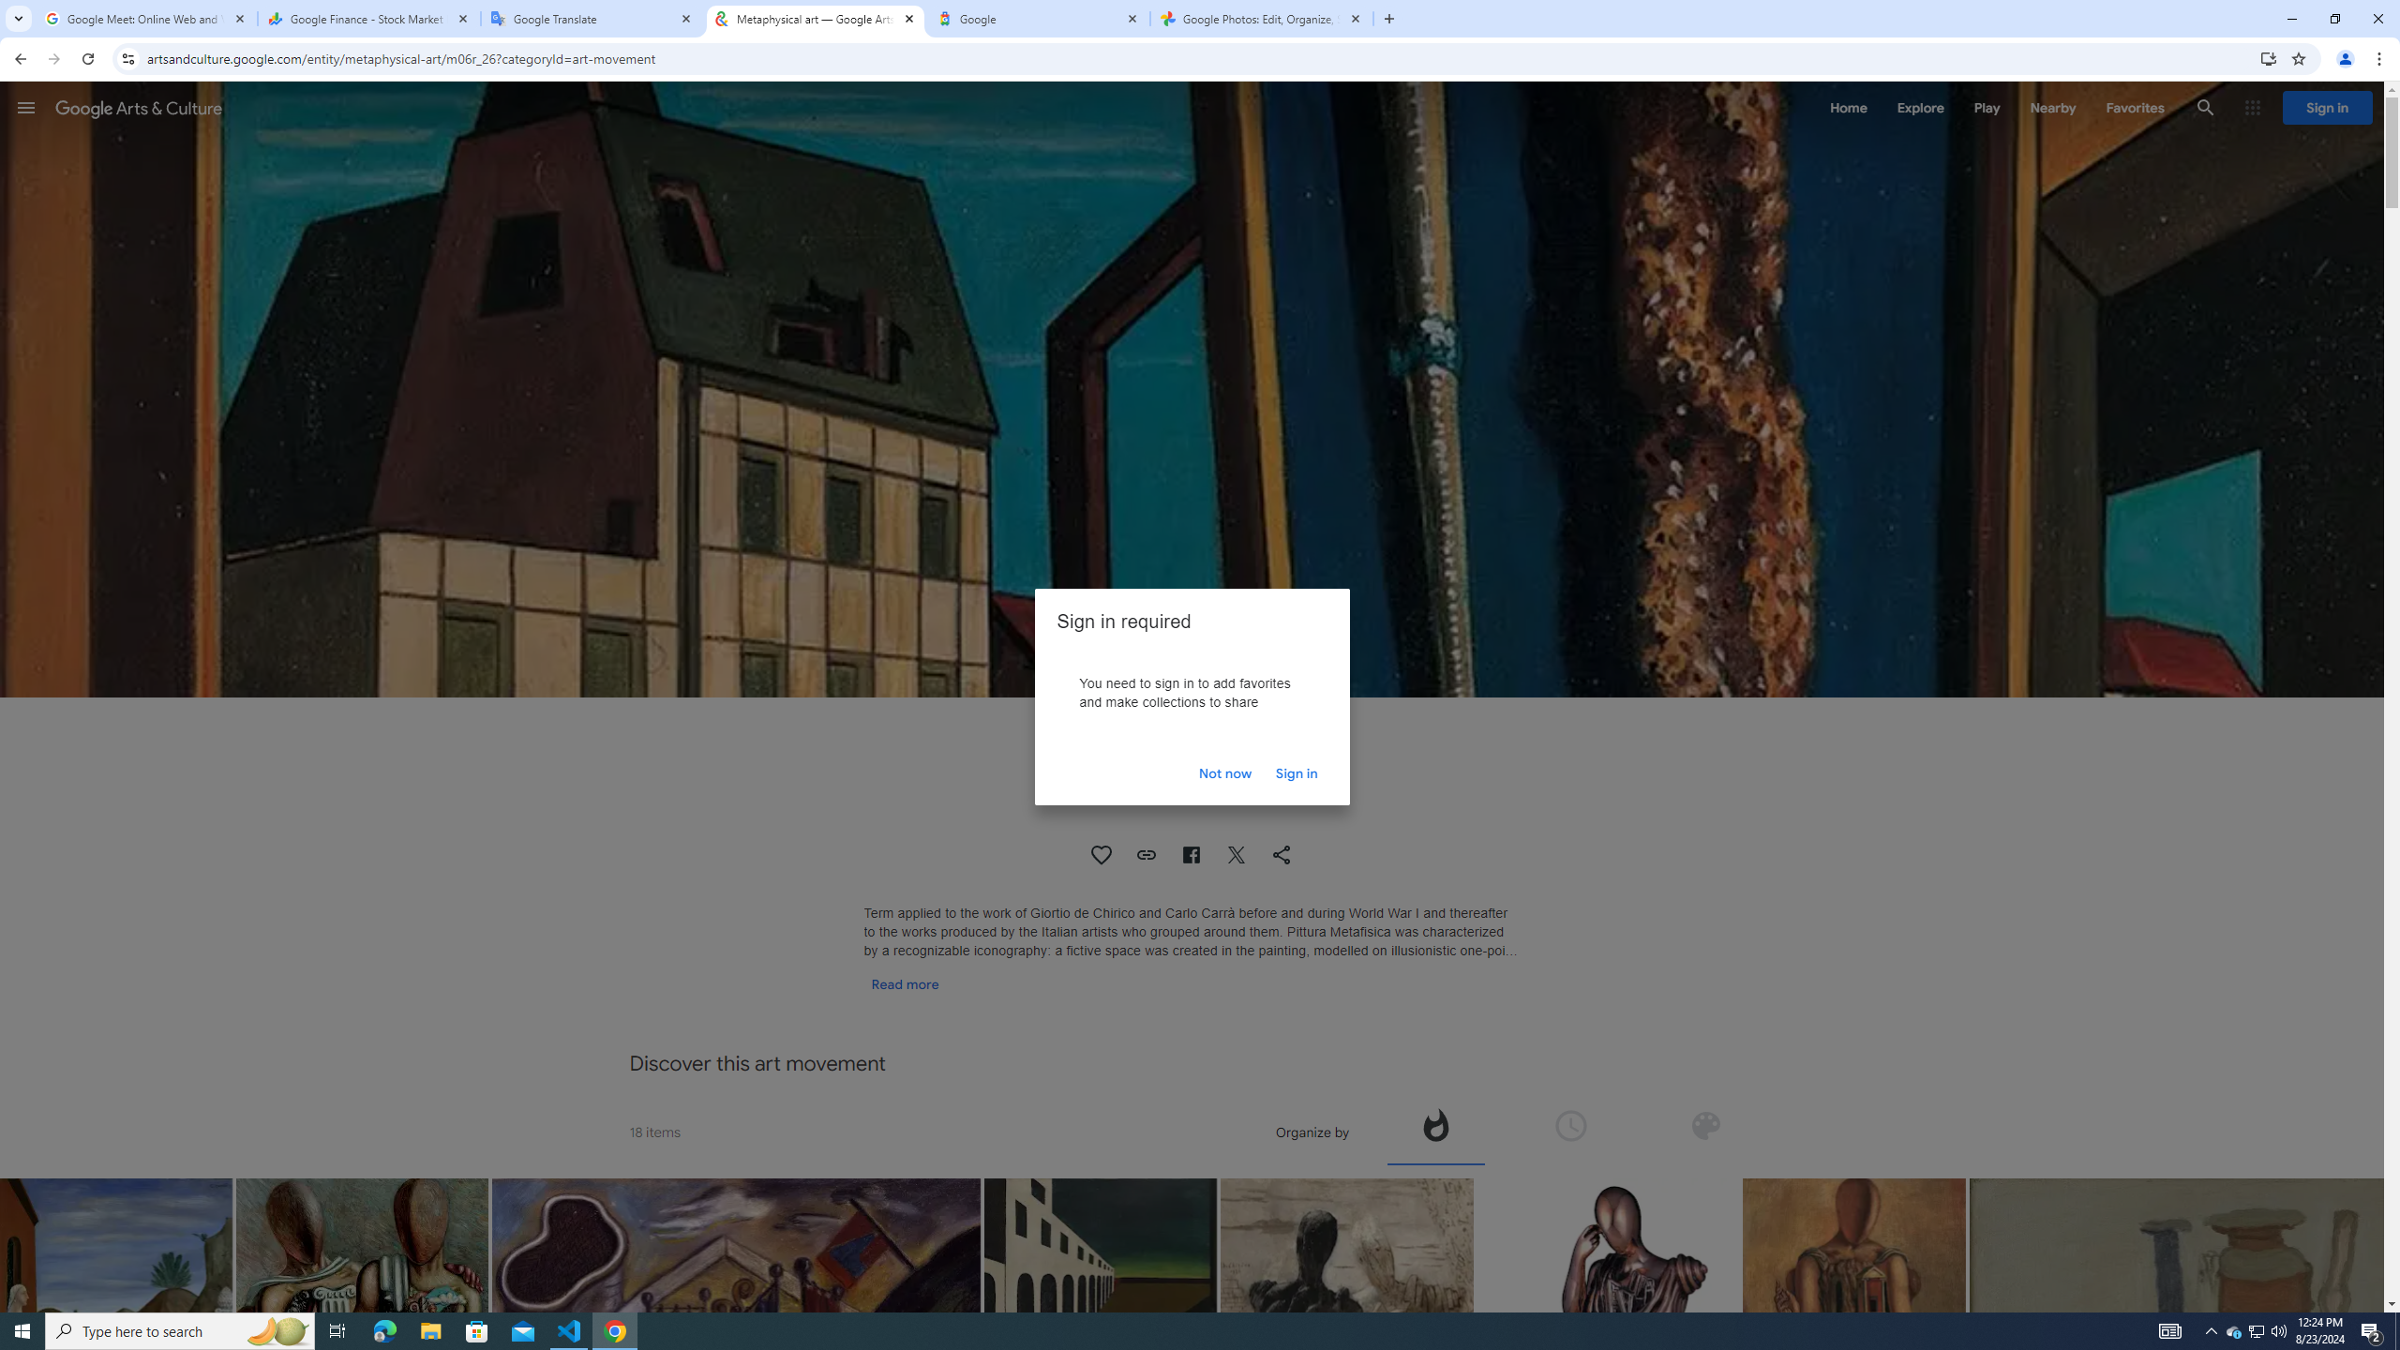 This screenshot has height=1350, width=2400. What do you see at coordinates (1919, 107) in the screenshot?
I see `'Explore'` at bounding box center [1919, 107].